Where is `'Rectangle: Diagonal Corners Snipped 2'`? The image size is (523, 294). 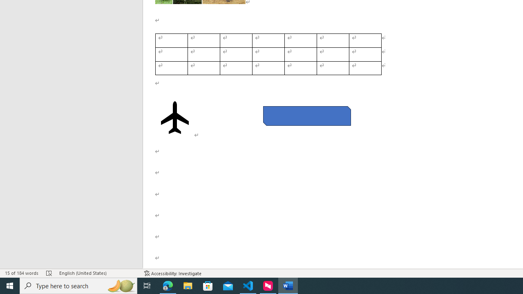
'Rectangle: Diagonal Corners Snipped 2' is located at coordinates (306, 116).